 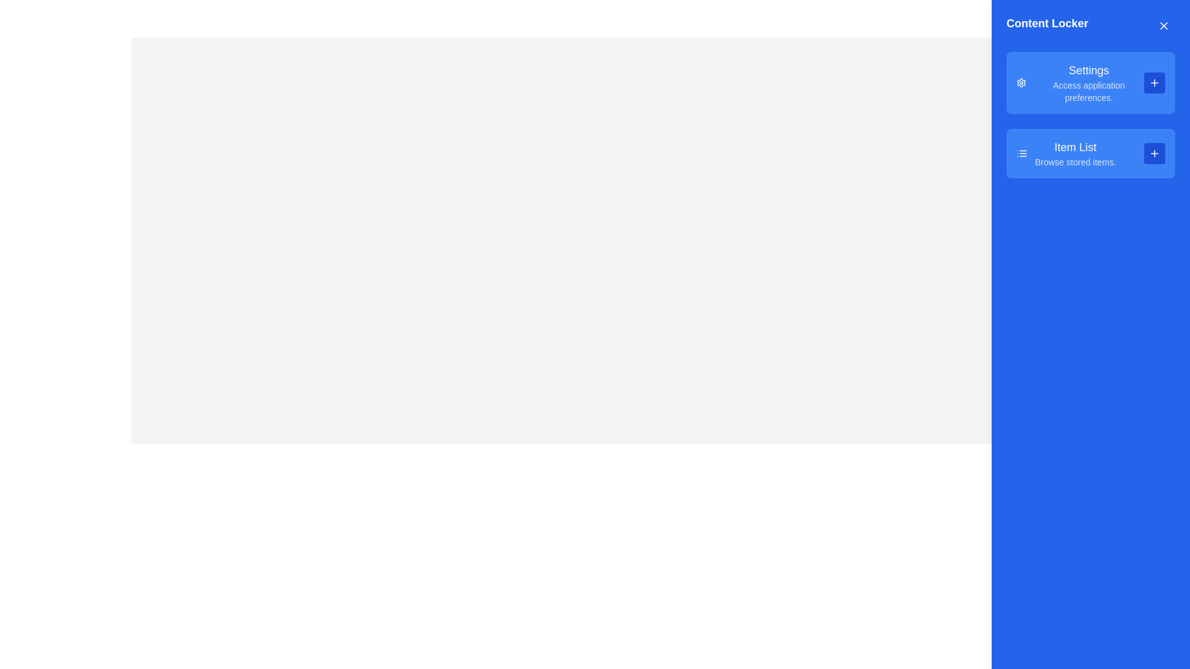 I want to click on the settings icon located to the left of the text 'Settings' under the 'Content Locker' section, so click(x=1021, y=83).